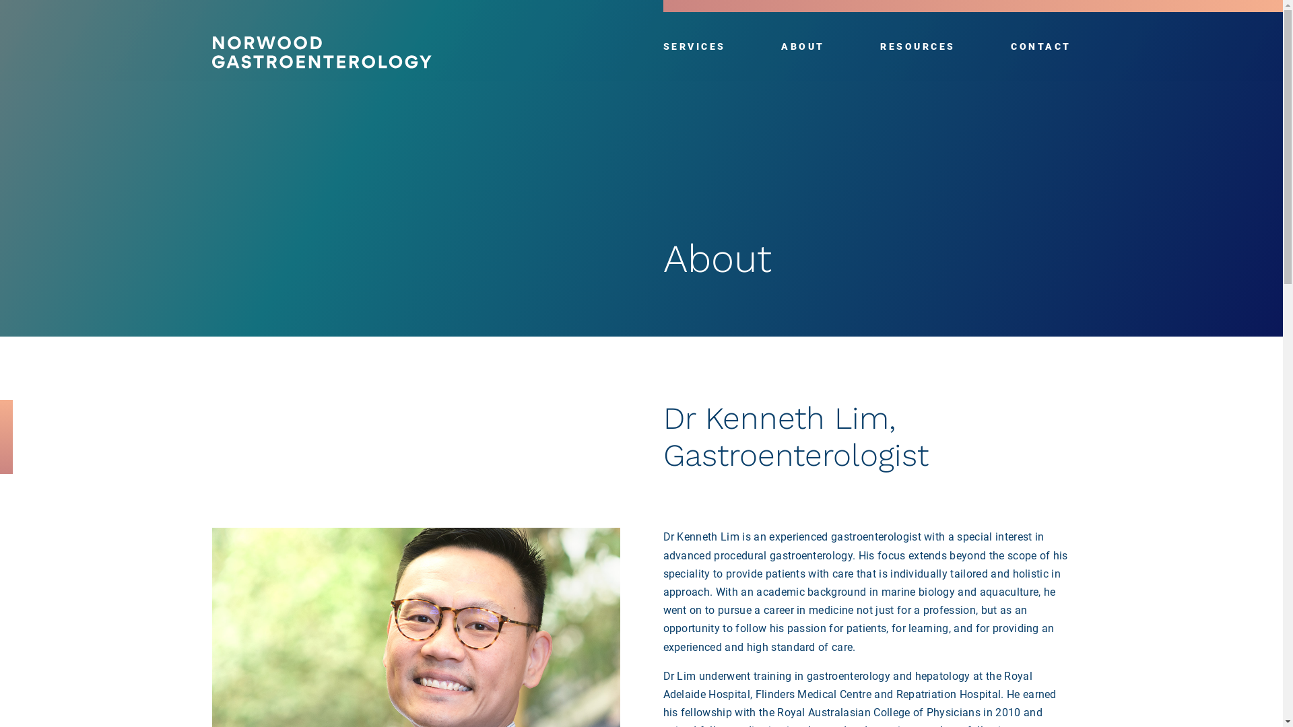  Describe the element at coordinates (694, 46) in the screenshot. I see `'SERVICES'` at that location.